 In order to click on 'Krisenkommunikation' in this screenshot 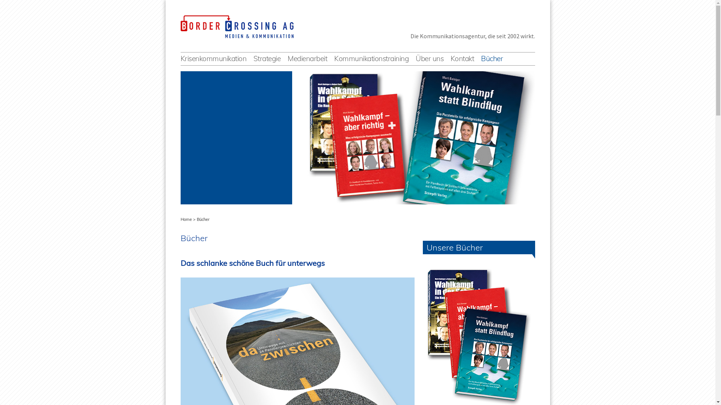, I will do `click(180, 58)`.